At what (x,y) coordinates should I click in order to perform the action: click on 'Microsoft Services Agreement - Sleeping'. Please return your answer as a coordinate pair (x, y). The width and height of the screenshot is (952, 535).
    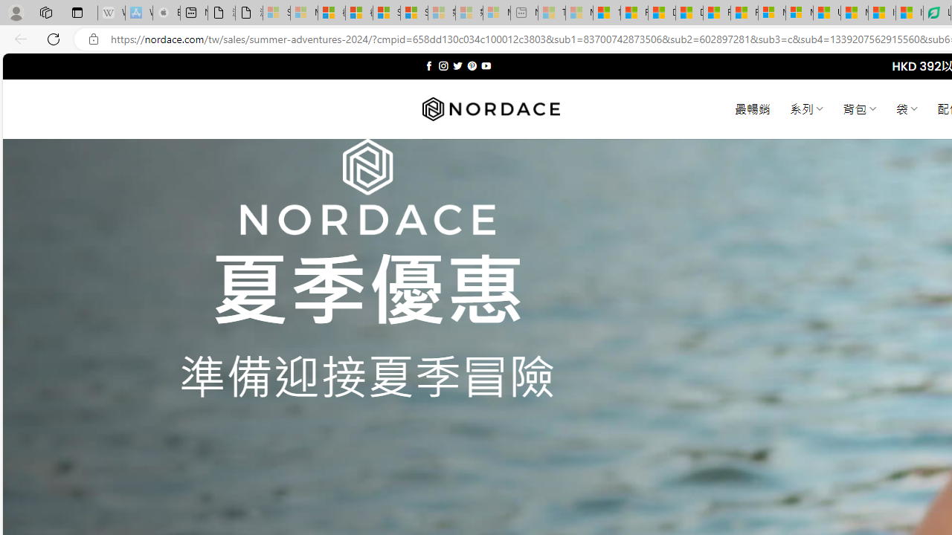
    Looking at the image, I should click on (303, 13).